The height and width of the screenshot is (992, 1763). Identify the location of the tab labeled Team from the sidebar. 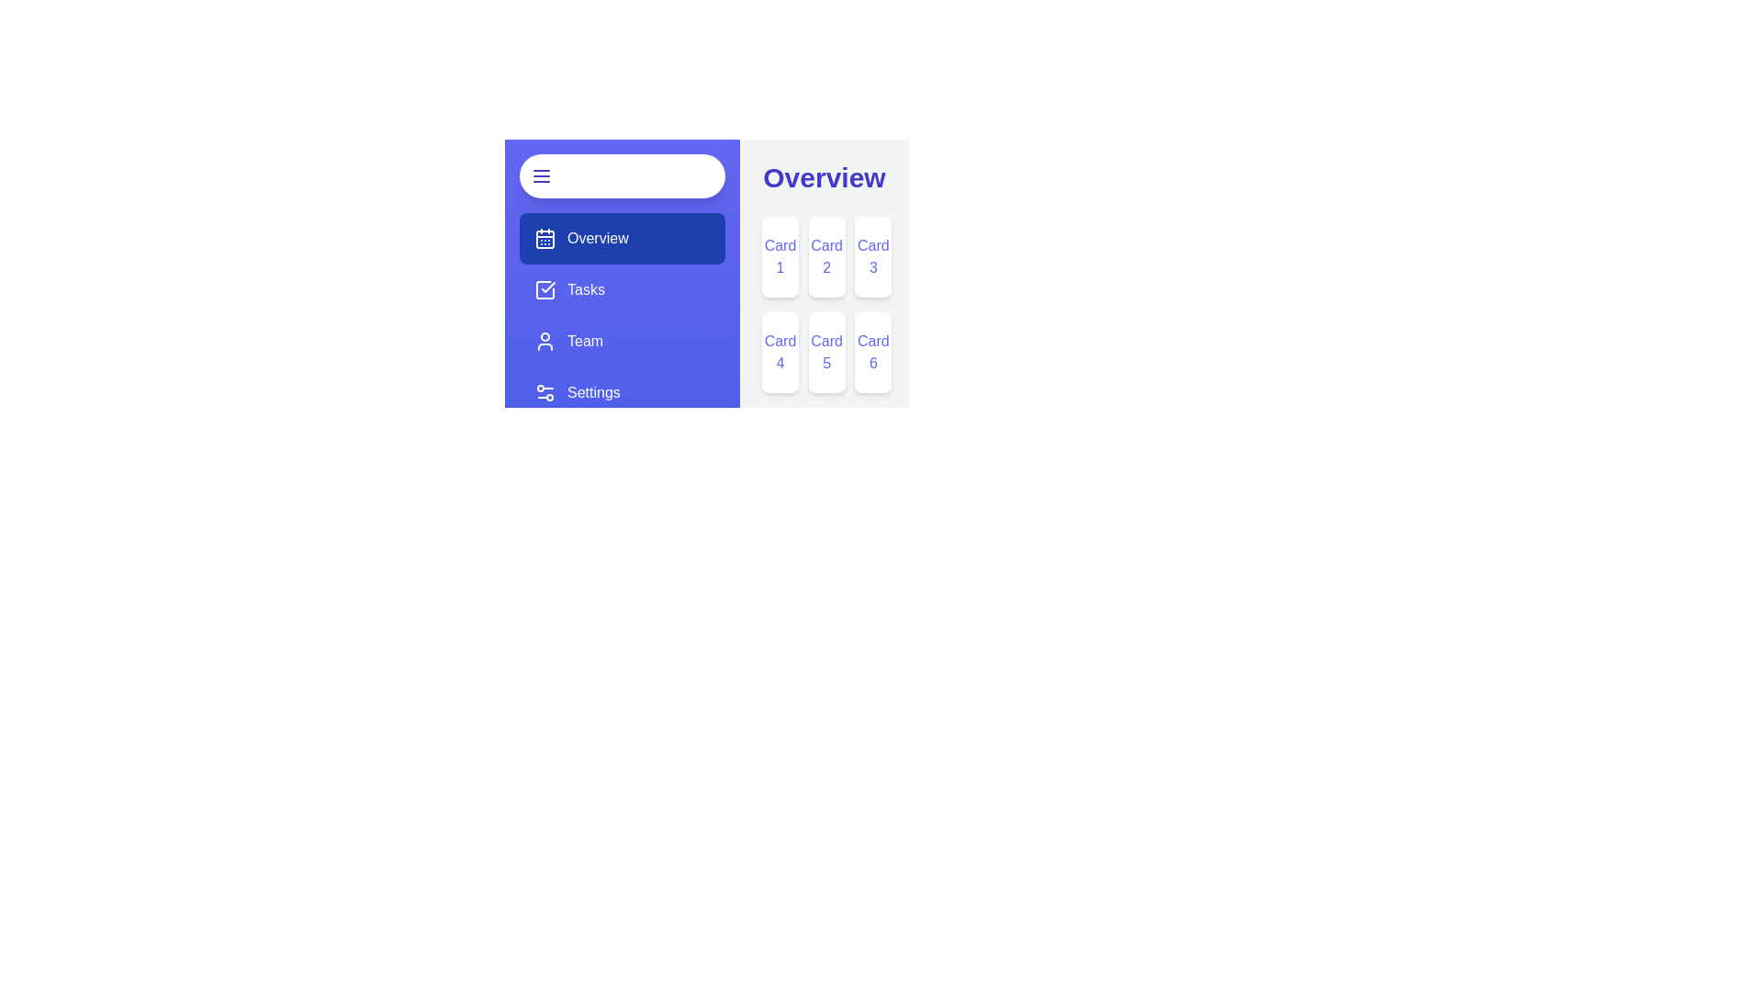
(622, 341).